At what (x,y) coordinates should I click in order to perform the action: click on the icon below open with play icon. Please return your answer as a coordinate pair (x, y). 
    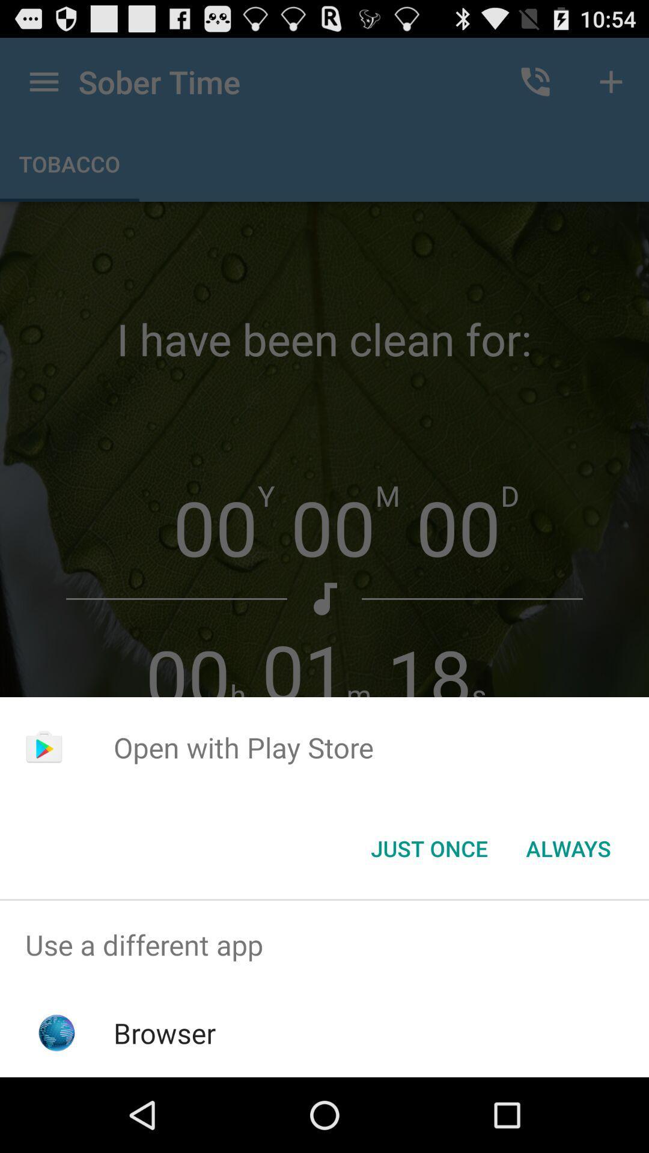
    Looking at the image, I should click on (428, 847).